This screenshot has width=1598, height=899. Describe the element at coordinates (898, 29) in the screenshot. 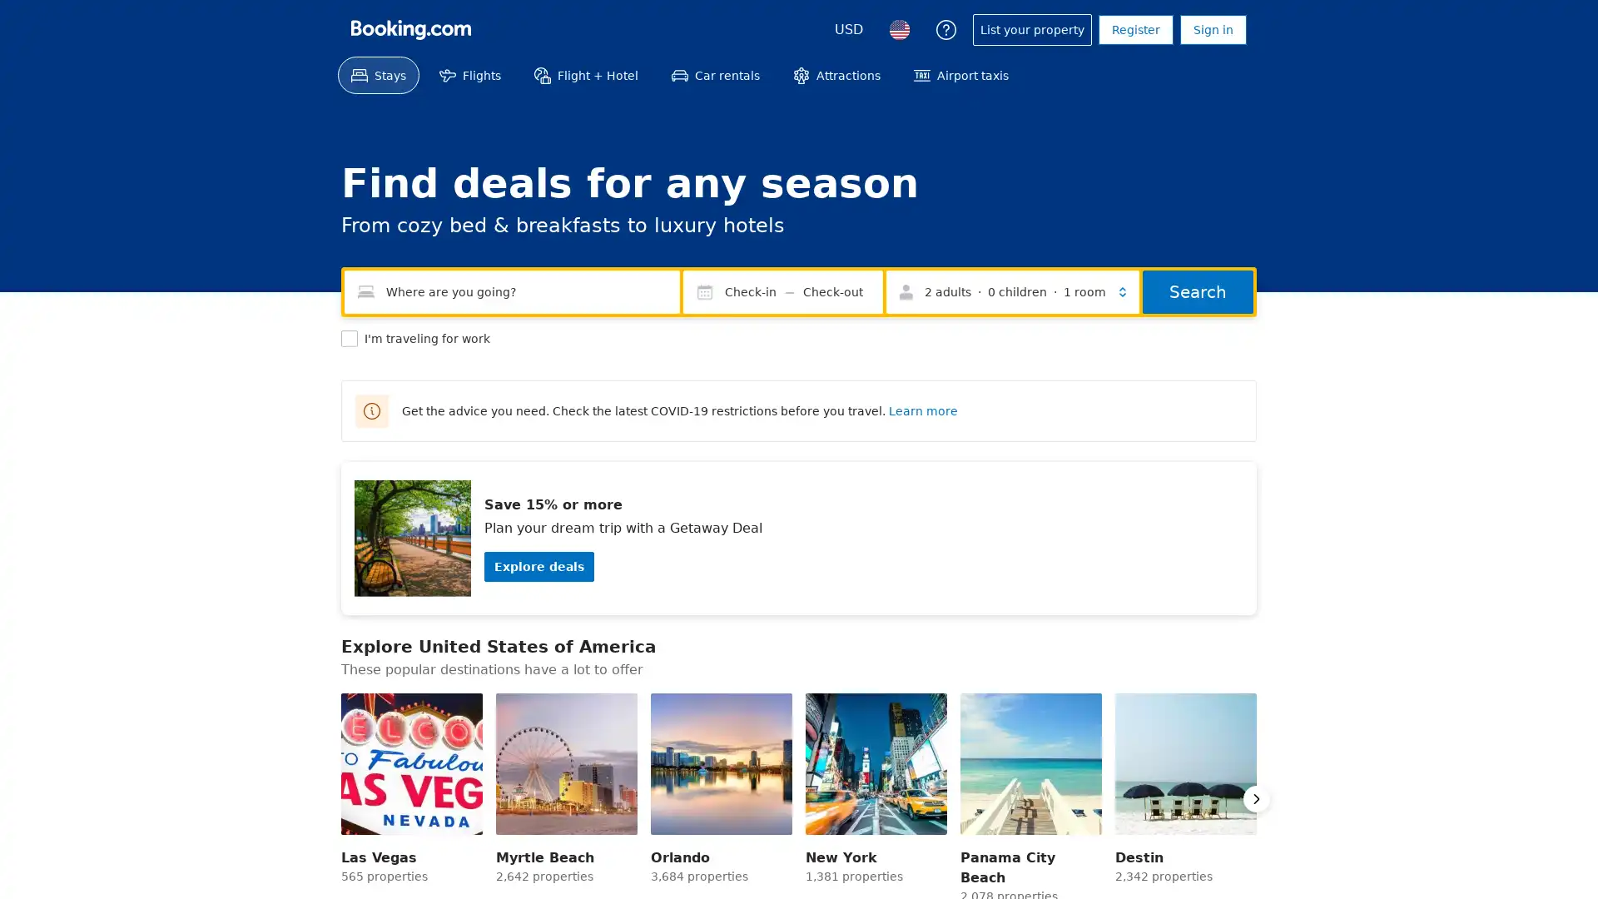

I see `Choose your language. Your current language is English (US)` at that location.